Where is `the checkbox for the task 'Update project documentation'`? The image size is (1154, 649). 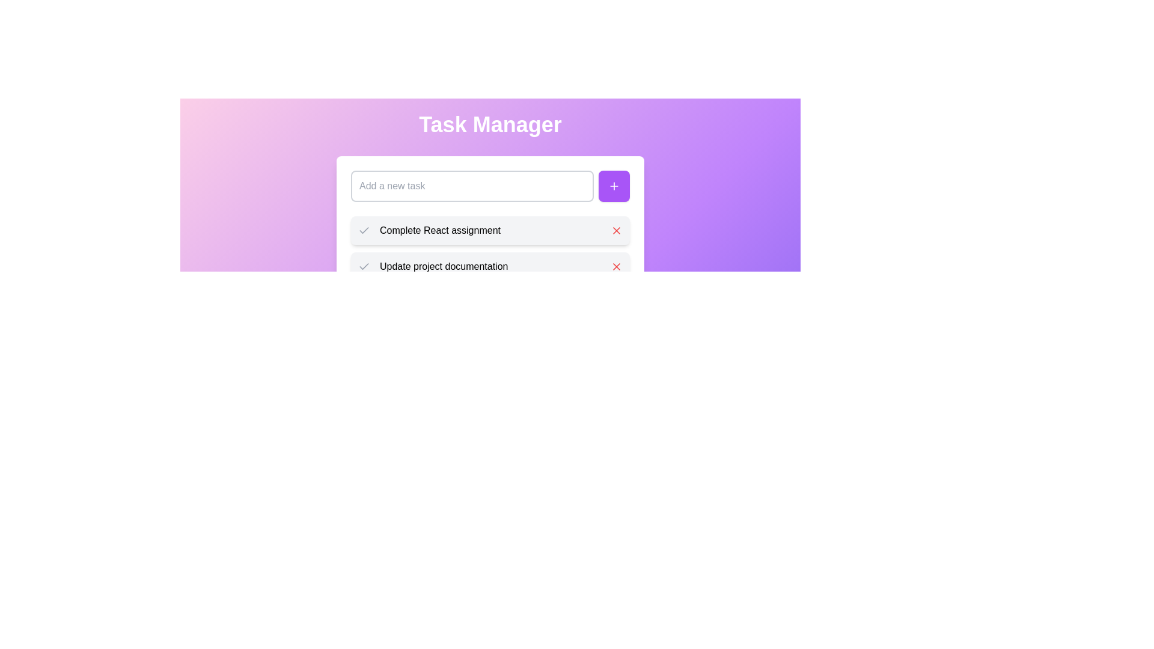
the checkbox for the task 'Update project documentation' is located at coordinates (363, 266).